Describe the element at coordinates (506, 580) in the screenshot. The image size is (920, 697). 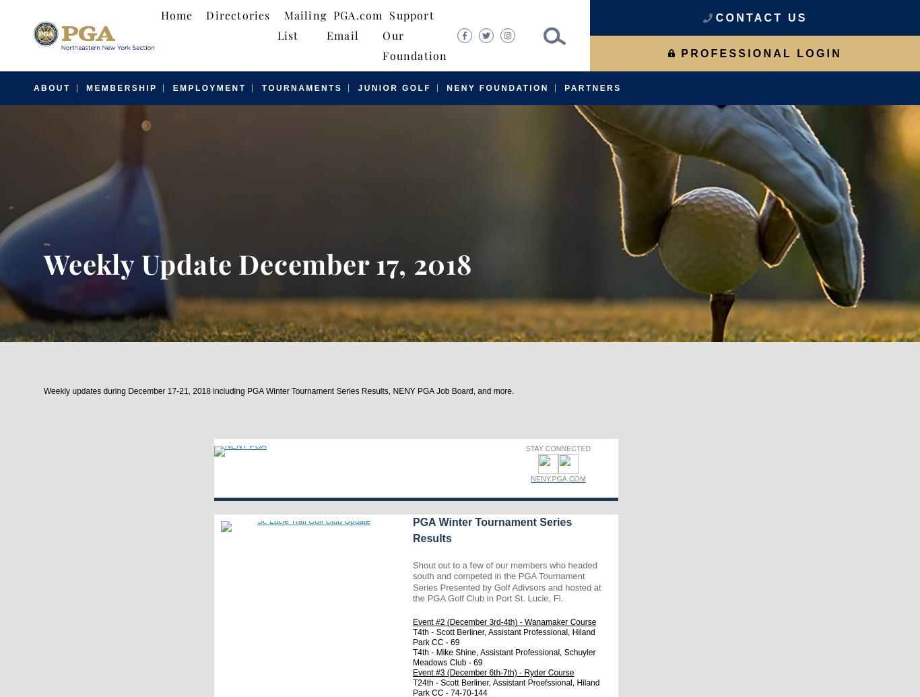
I see `'Shout out to a few of our members who headed south and competed in the PGA Tournament Series Presented by Golf Adivsors and hosted at the PGA Golf Club in Port St. Lucie, Fl.'` at that location.